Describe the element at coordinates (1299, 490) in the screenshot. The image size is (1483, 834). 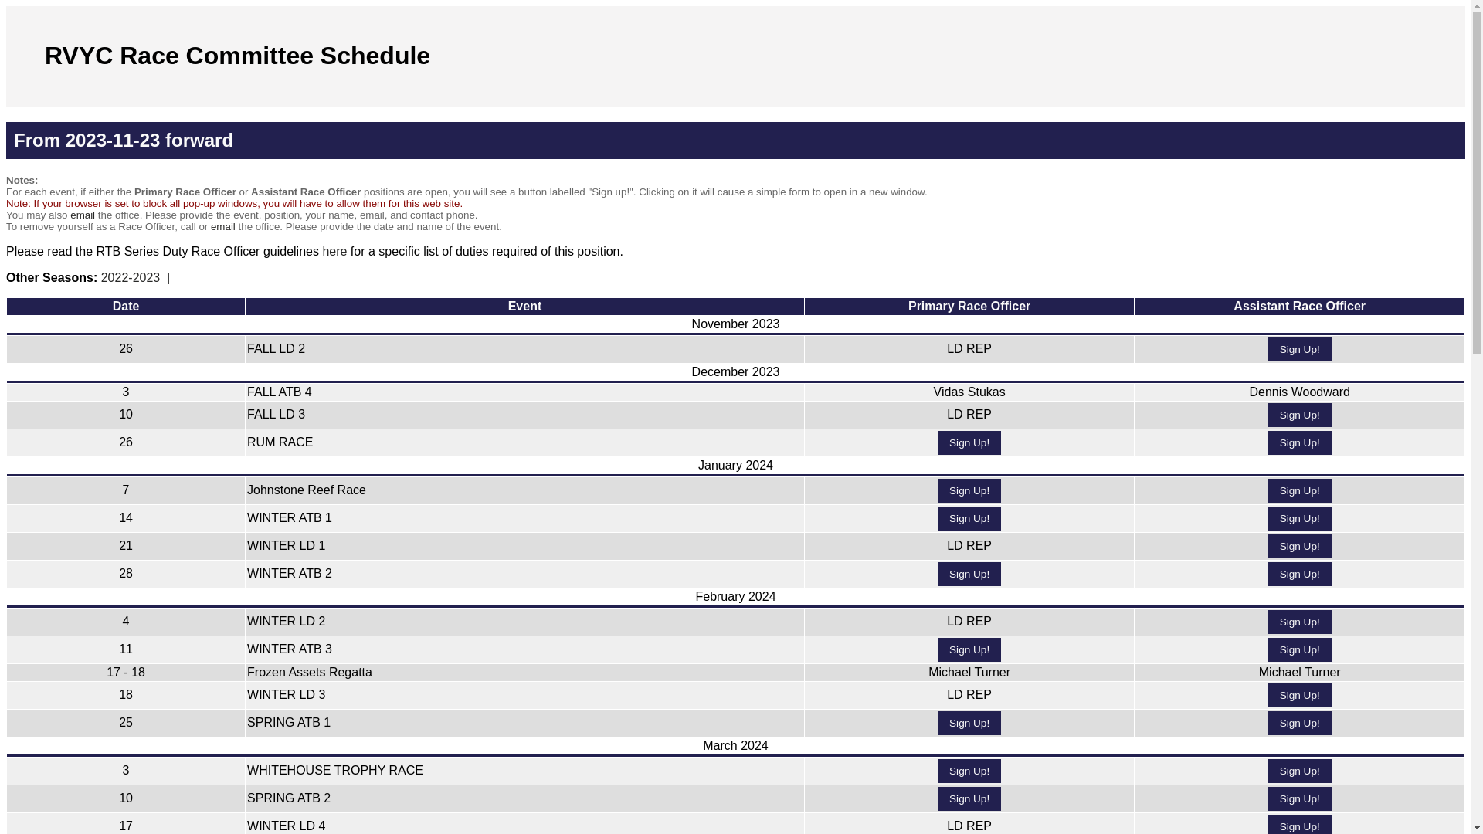
I see `'Sign Up!'` at that location.